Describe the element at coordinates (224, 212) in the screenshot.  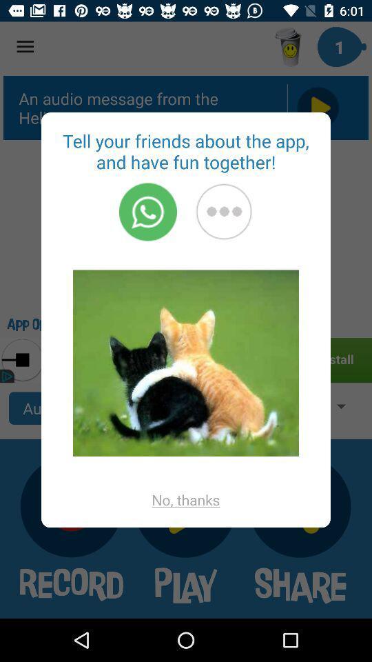
I see `to the setting options` at that location.